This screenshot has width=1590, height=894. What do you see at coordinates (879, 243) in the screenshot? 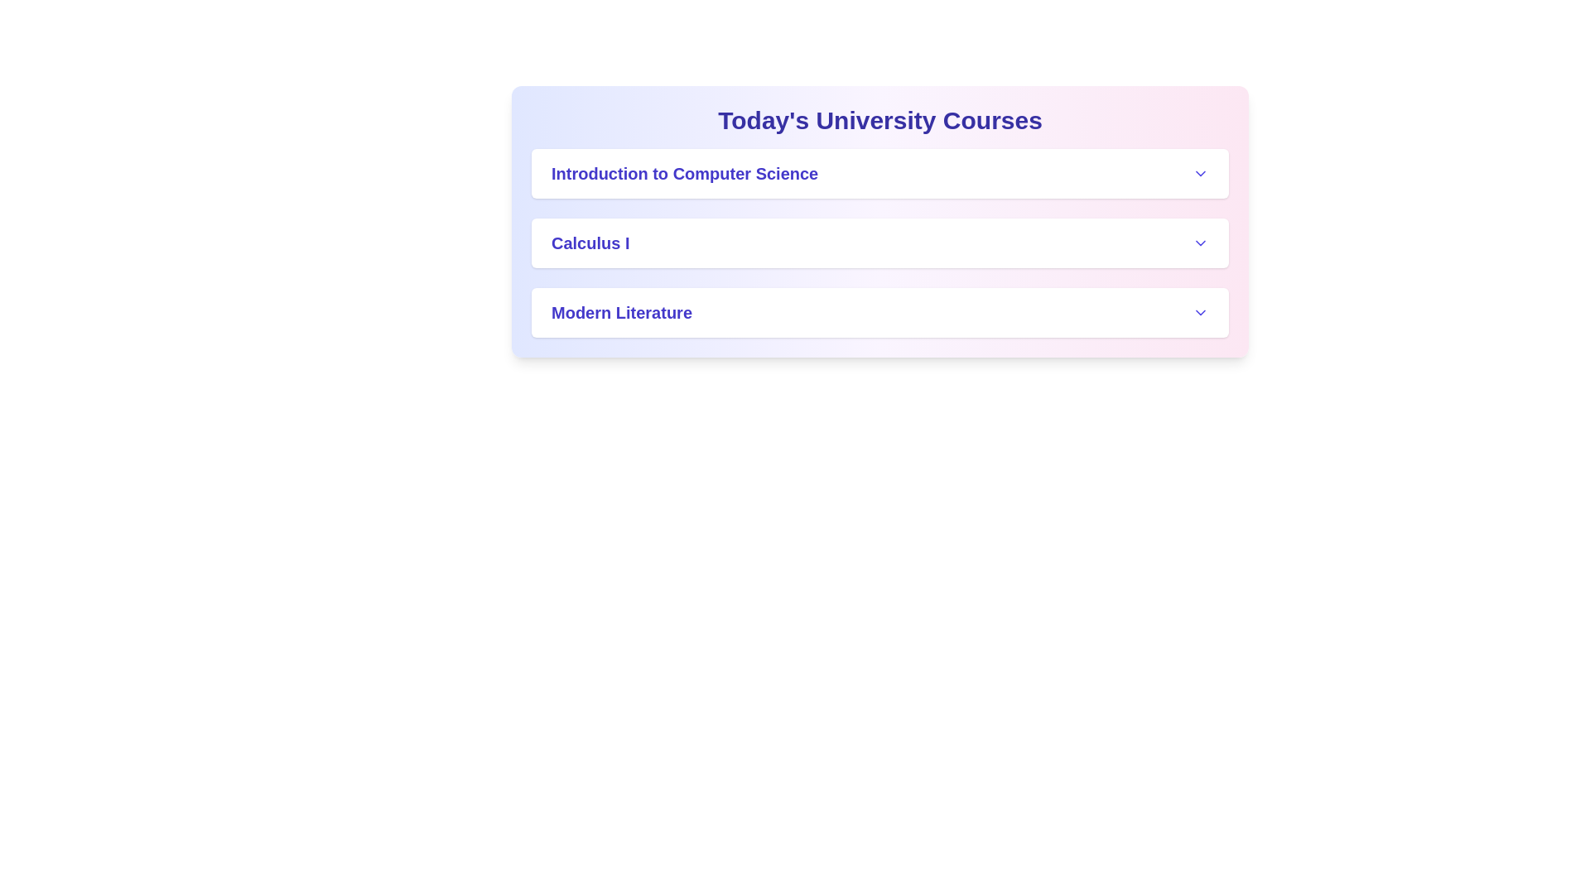
I see `the header of the course Calculus I to toggle its details` at bounding box center [879, 243].